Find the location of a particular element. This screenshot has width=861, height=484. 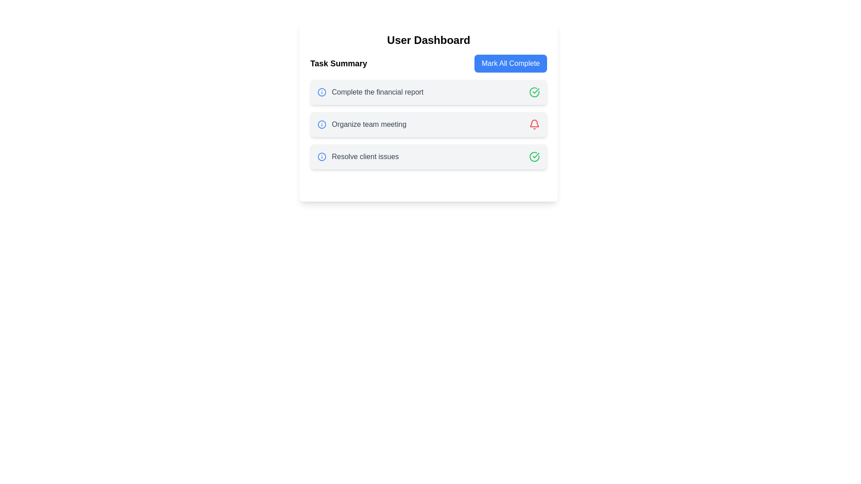

the 'User Dashboard' static text header, which is a large, bold title displayed at the top of a white panel is located at coordinates (428, 39).